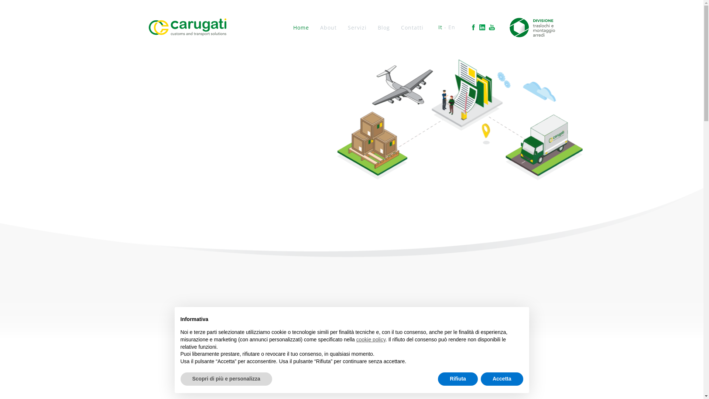 Image resolution: width=709 pixels, height=399 pixels. What do you see at coordinates (384, 27) in the screenshot?
I see `'Blog'` at bounding box center [384, 27].